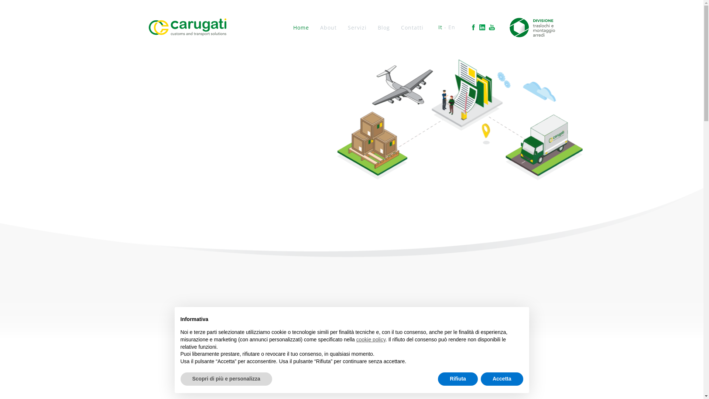 Image resolution: width=709 pixels, height=399 pixels. What do you see at coordinates (384, 27) in the screenshot?
I see `'Blog'` at bounding box center [384, 27].